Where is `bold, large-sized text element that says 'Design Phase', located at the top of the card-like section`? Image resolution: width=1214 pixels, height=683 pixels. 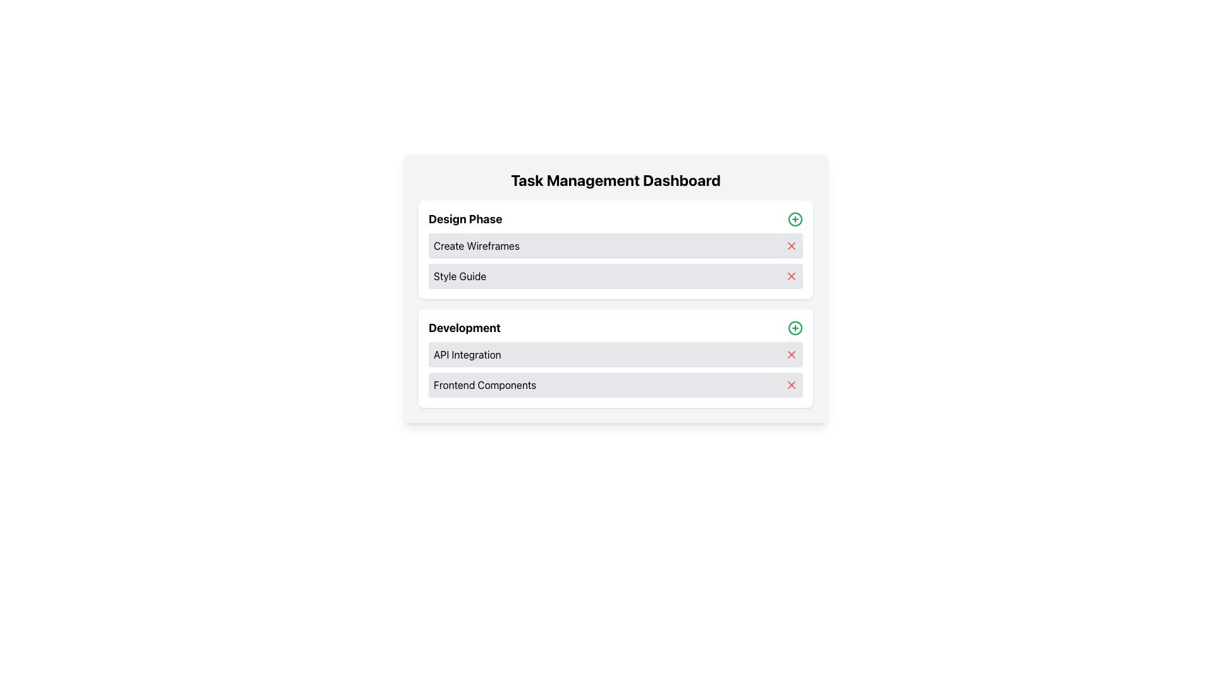
bold, large-sized text element that says 'Design Phase', located at the top of the card-like section is located at coordinates (465, 219).